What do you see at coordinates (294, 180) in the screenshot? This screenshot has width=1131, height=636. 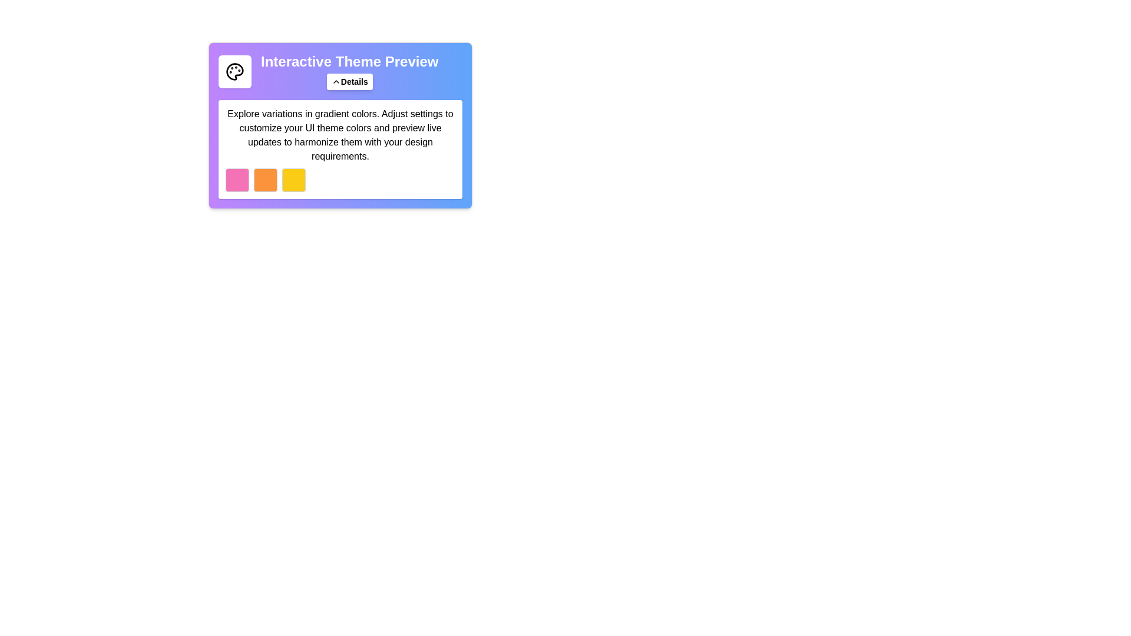 I see `the button with a yellow background and gray border, which is the third element in a row of three similar buttons` at bounding box center [294, 180].